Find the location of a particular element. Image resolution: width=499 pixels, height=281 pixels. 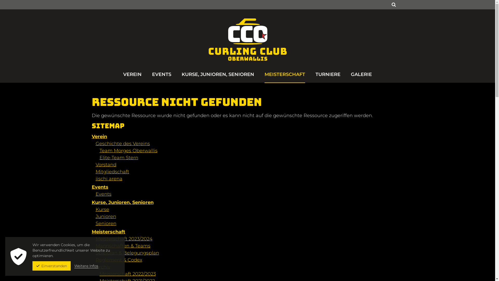

'Junioren' is located at coordinates (106, 216).